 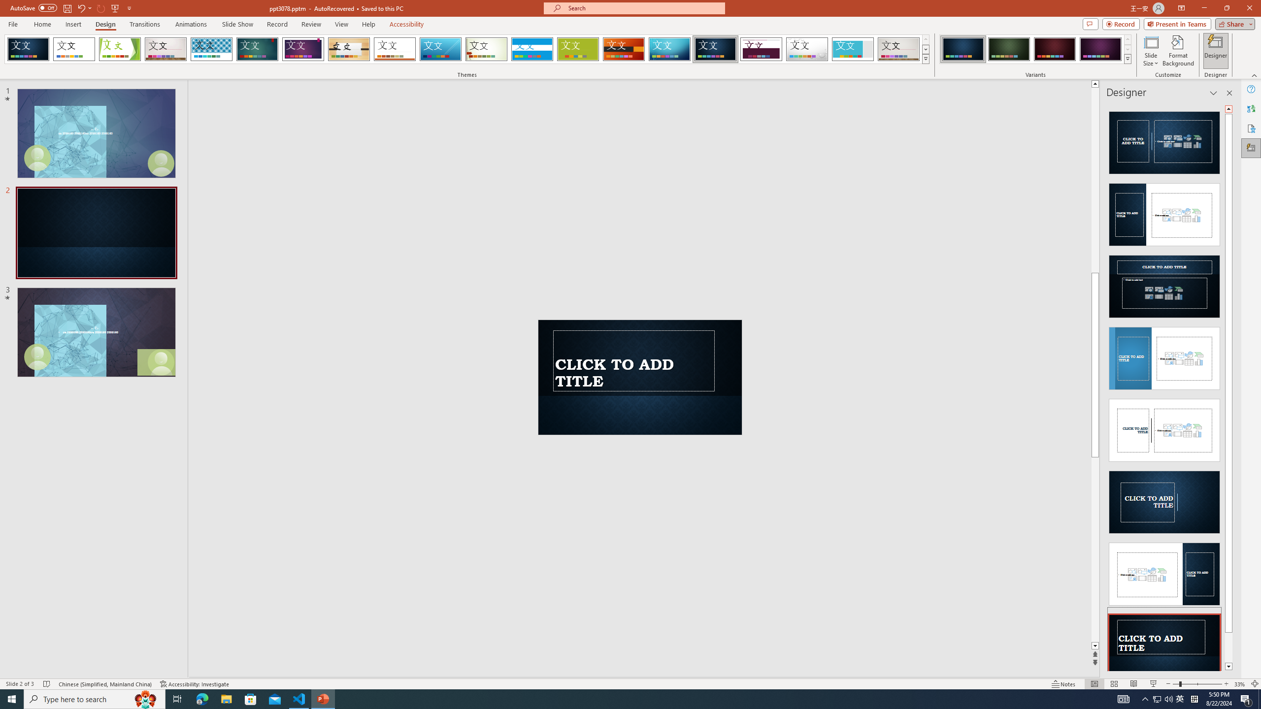 I want to click on 'Banded', so click(x=532, y=49).